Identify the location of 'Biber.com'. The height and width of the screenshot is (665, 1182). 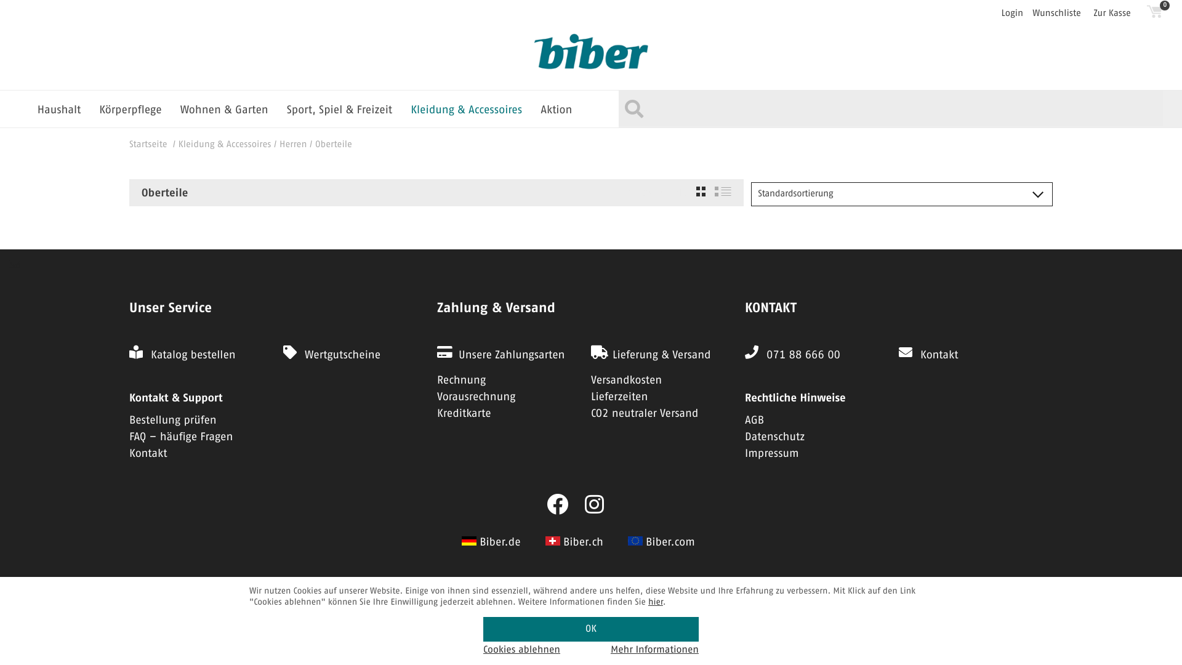
(670, 541).